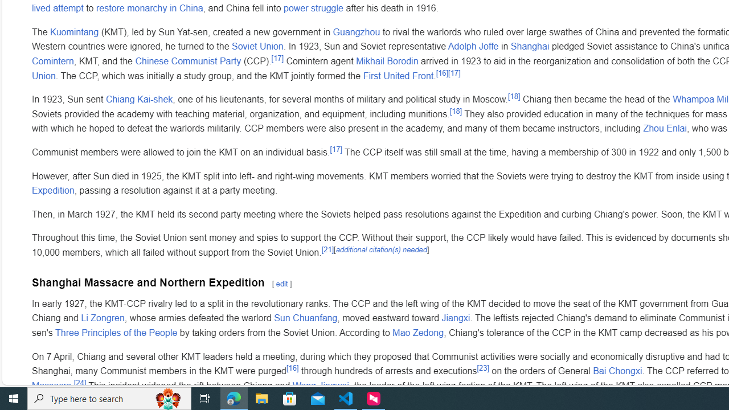 This screenshot has height=410, width=729. Describe the element at coordinates (387, 61) in the screenshot. I see `'Mikhail Borodin'` at that location.